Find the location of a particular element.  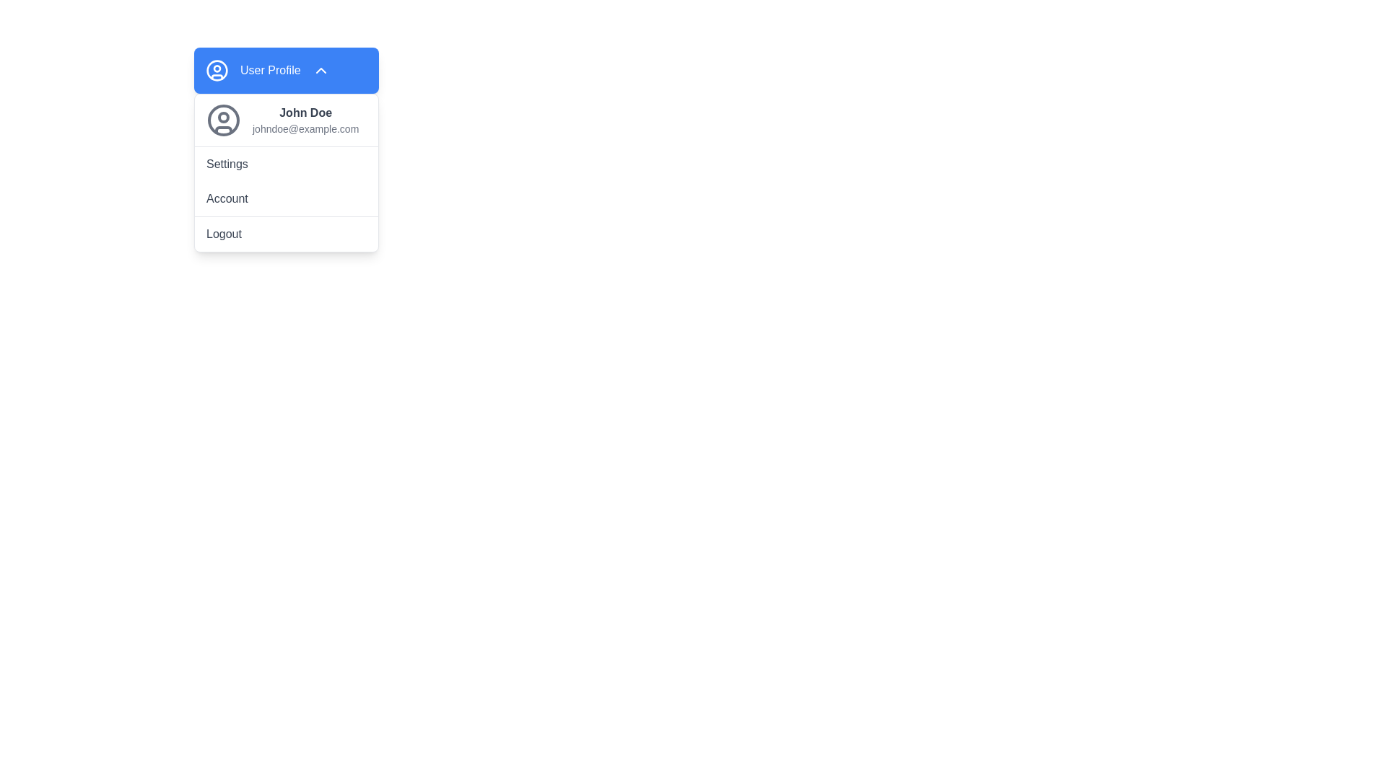

the expandable/collapsible icon next to the 'User Profile' section is located at coordinates (320, 70).